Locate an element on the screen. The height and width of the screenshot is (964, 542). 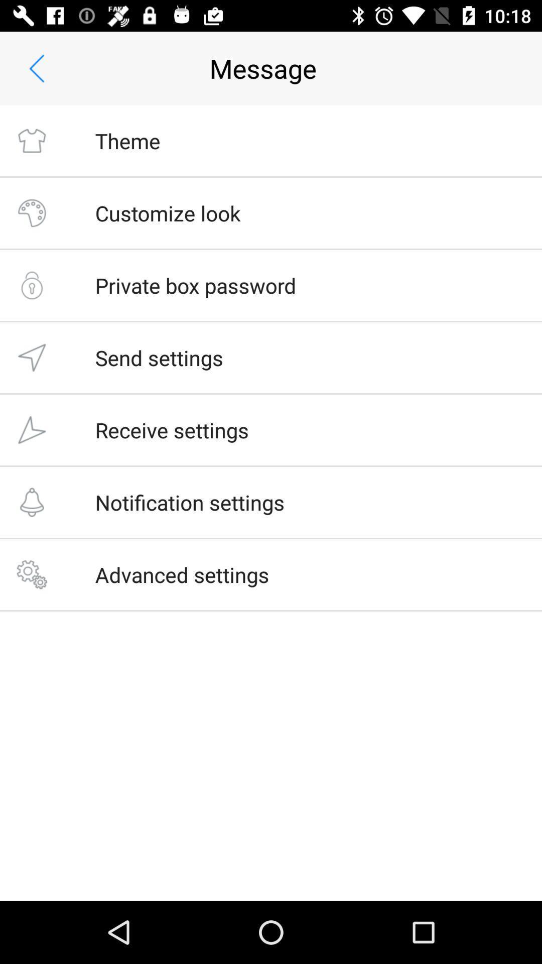
receive settings item is located at coordinates (171, 430).